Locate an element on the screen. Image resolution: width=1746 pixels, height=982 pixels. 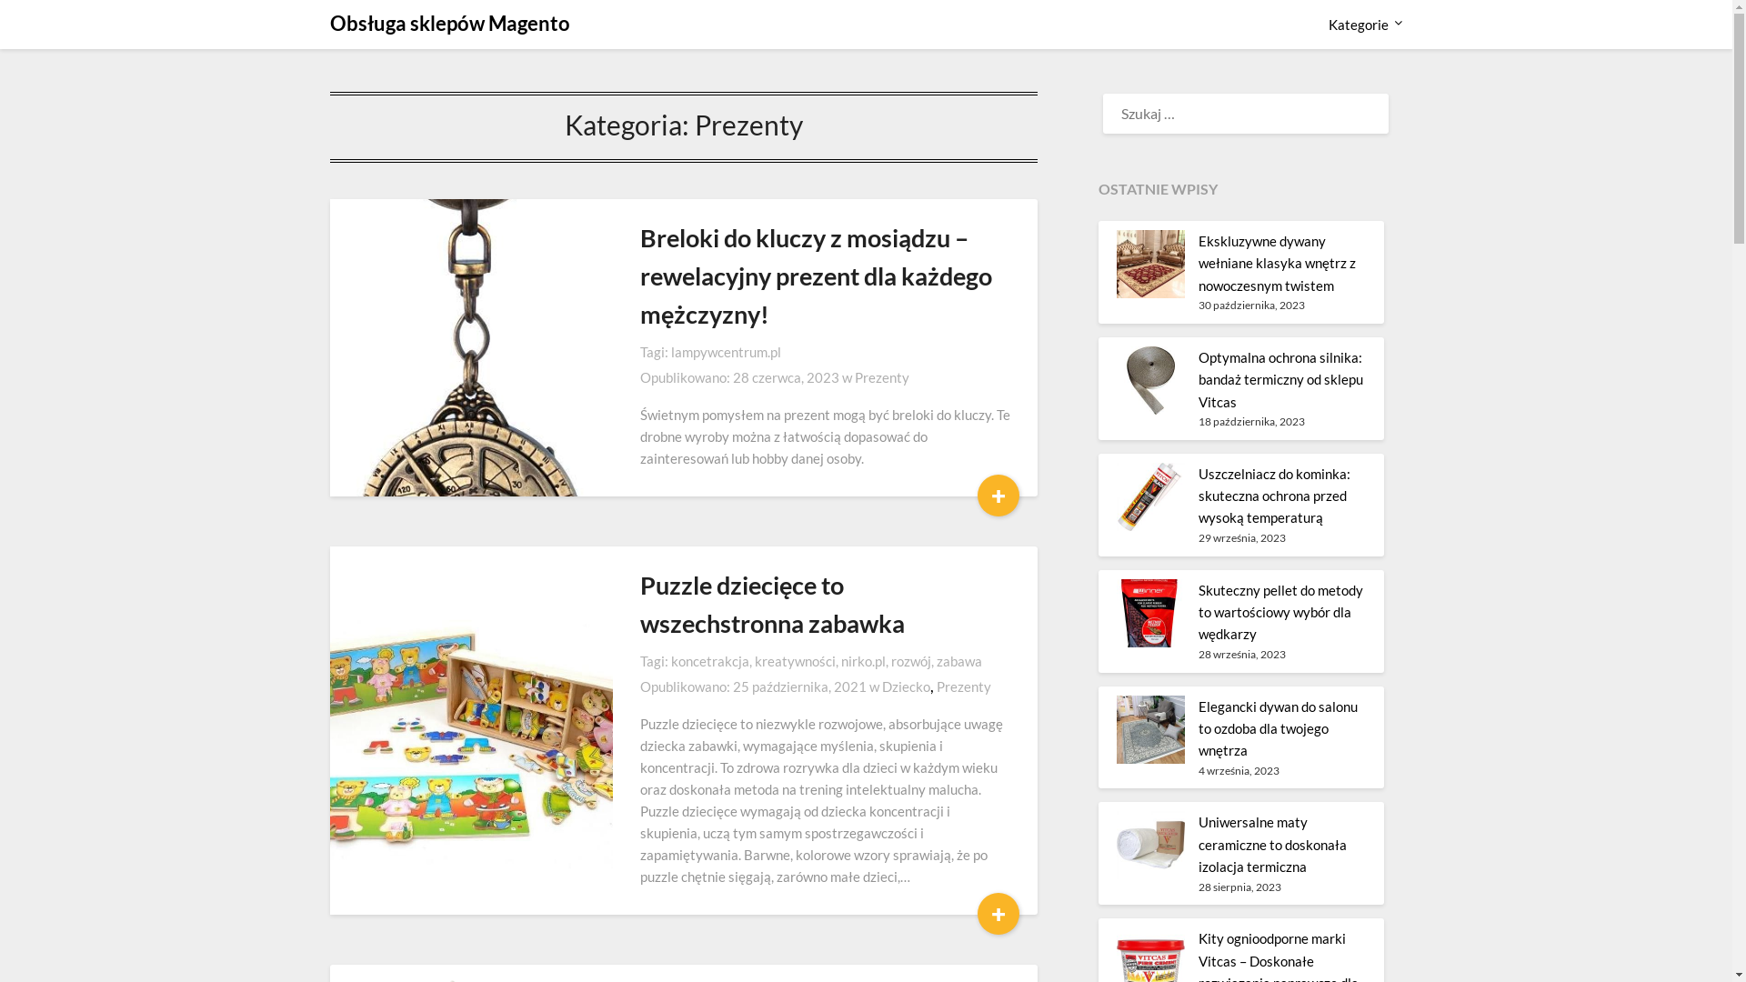
'28 czerwca, 2023' is located at coordinates (733, 376).